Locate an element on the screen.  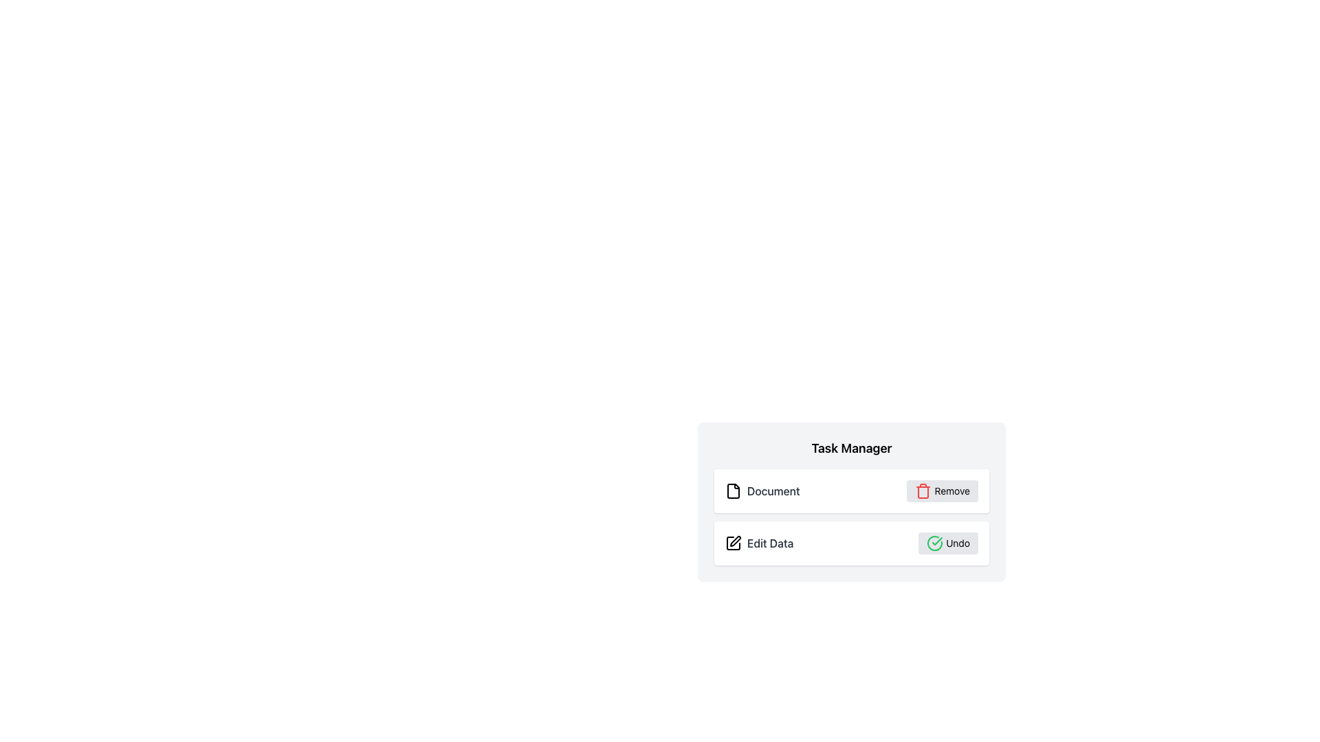
the text label 'Remove' which is displayed in a sans-serif font next to a red trash can icon in the 'Task Manager' section is located at coordinates (951, 490).